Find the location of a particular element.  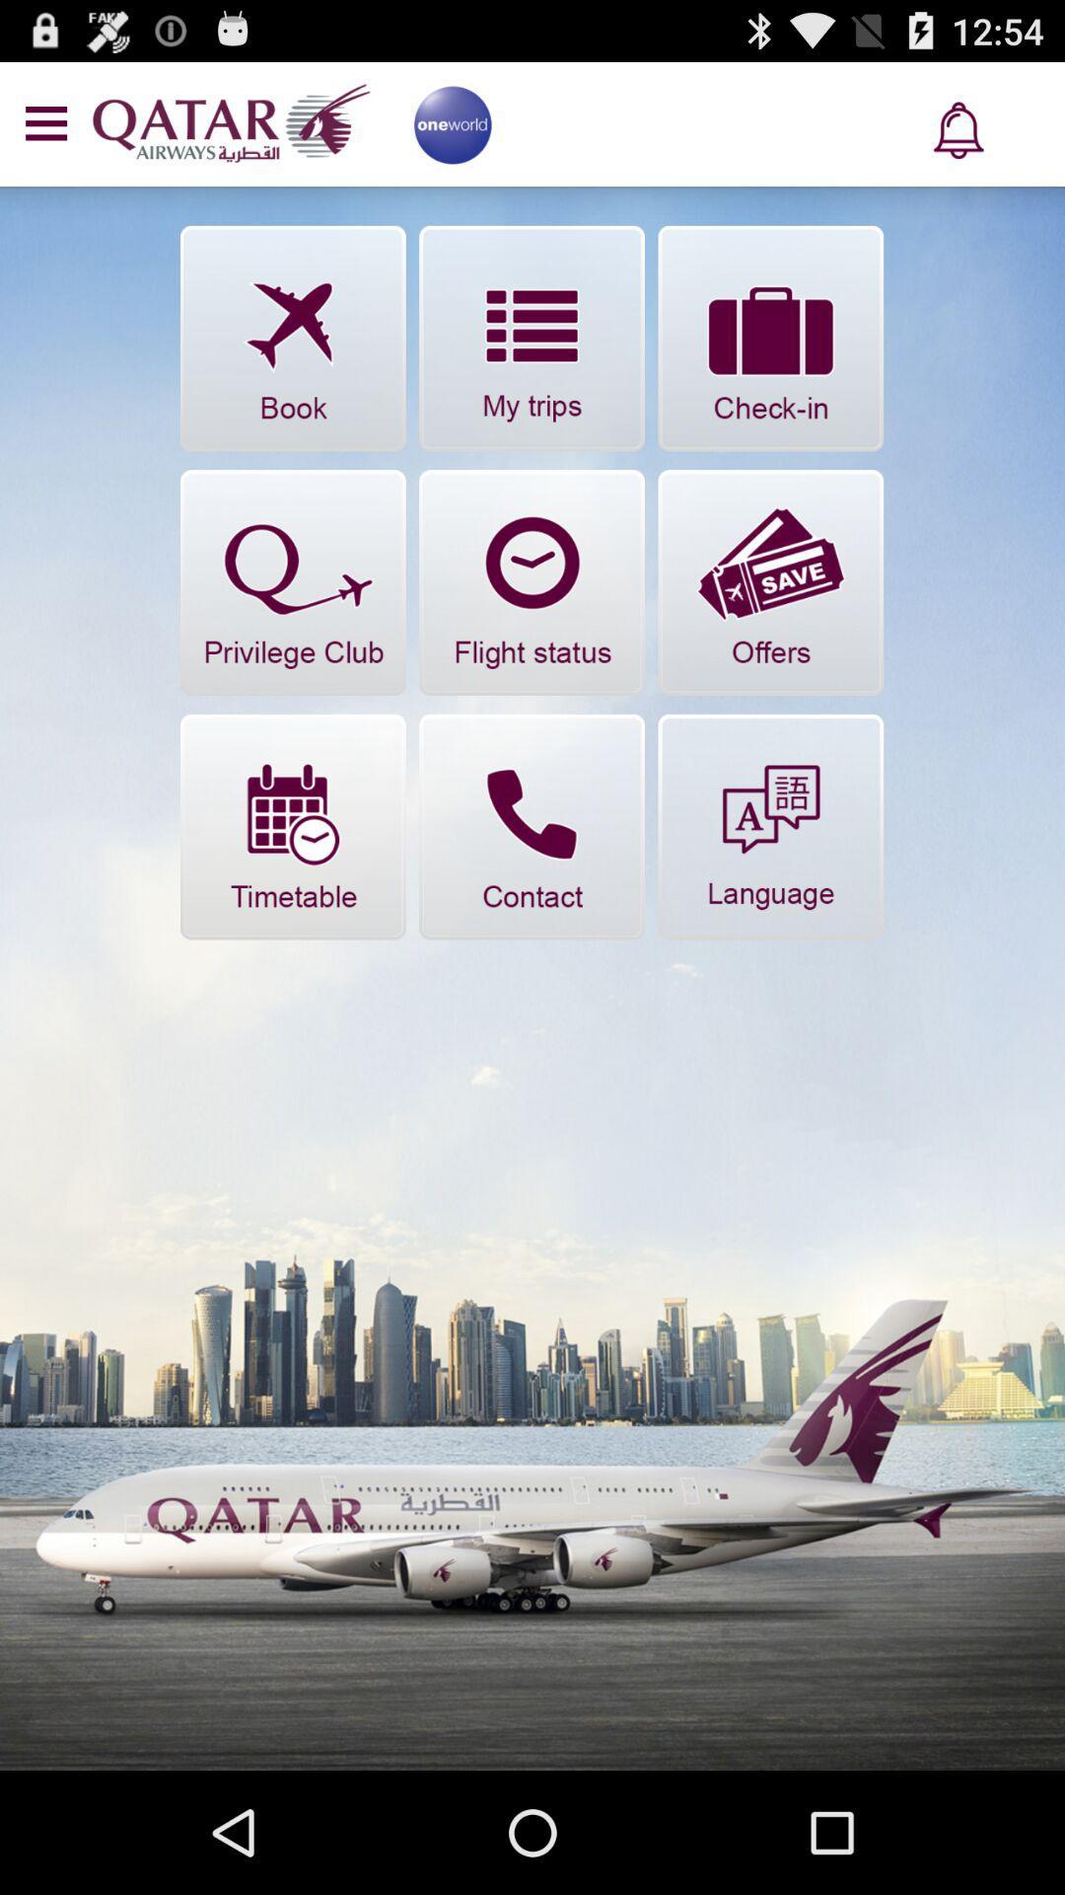

privilege club is located at coordinates (293, 581).